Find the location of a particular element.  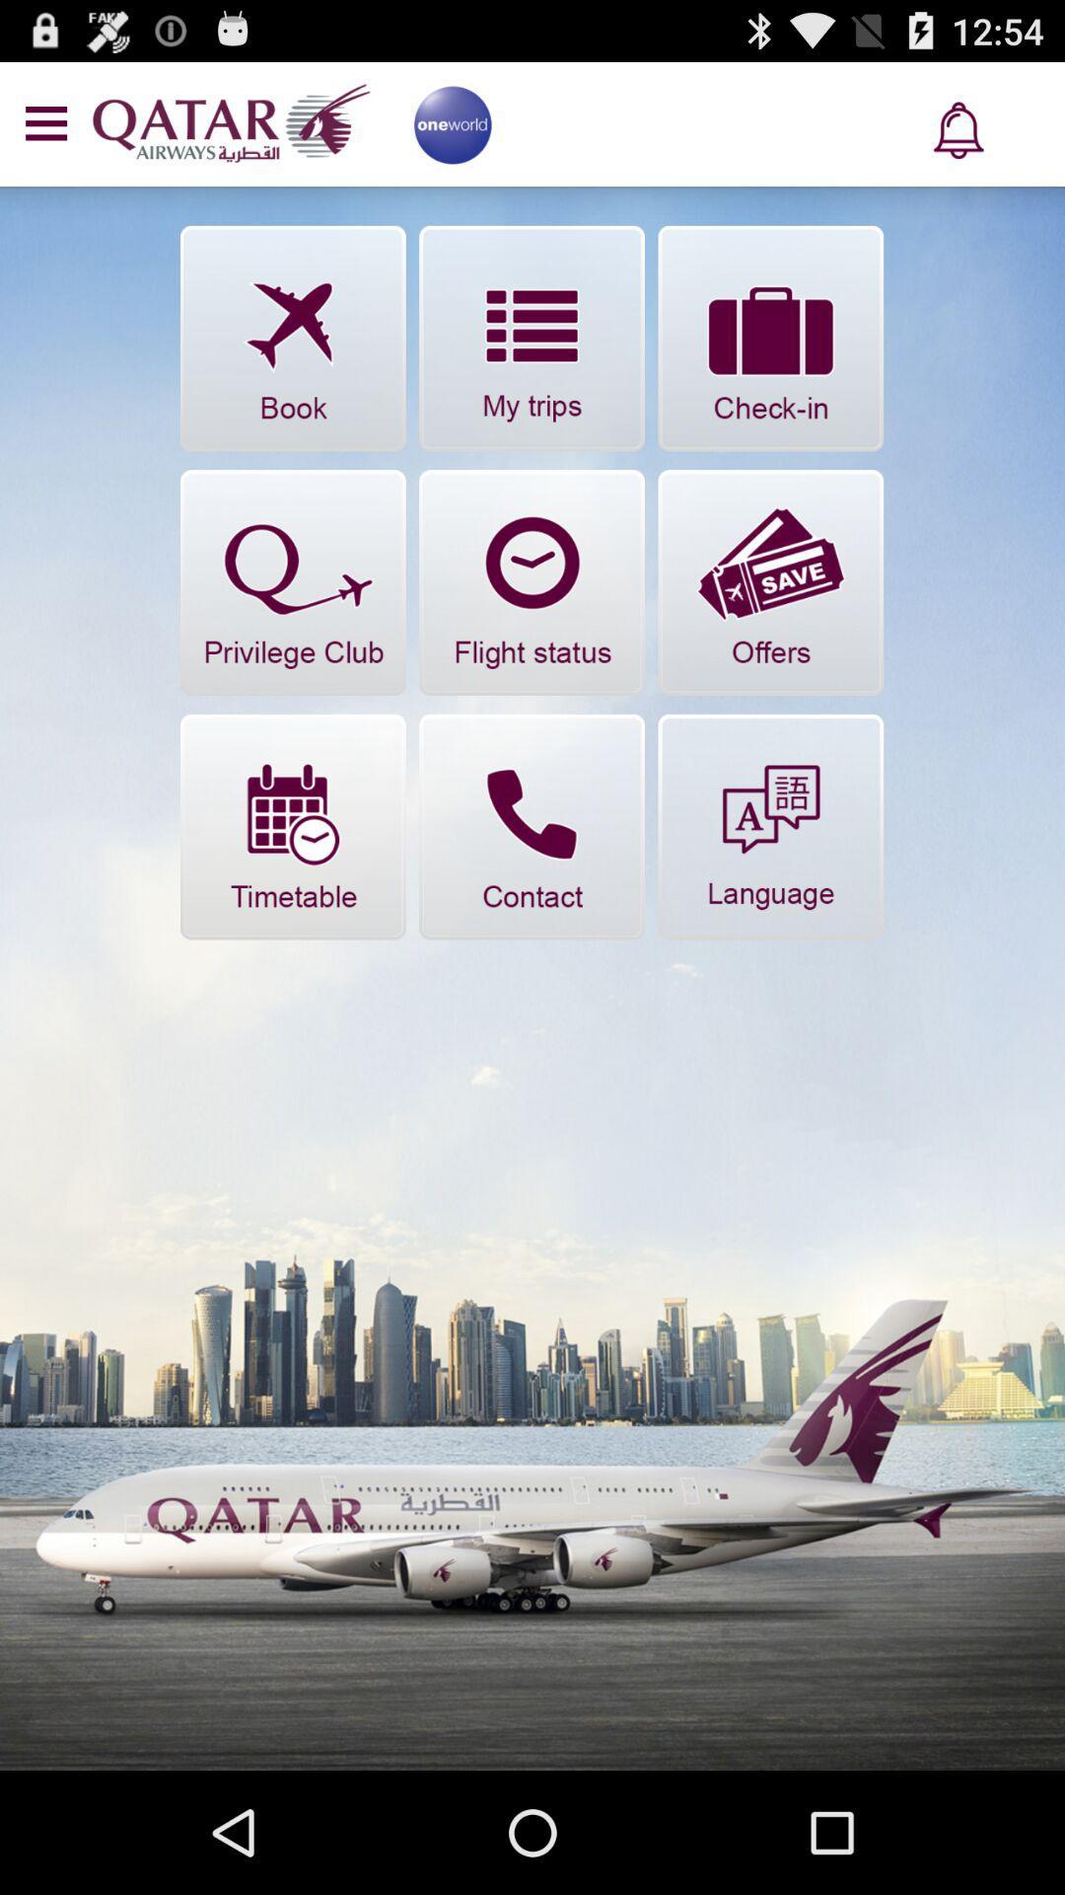

privilege club is located at coordinates (293, 581).